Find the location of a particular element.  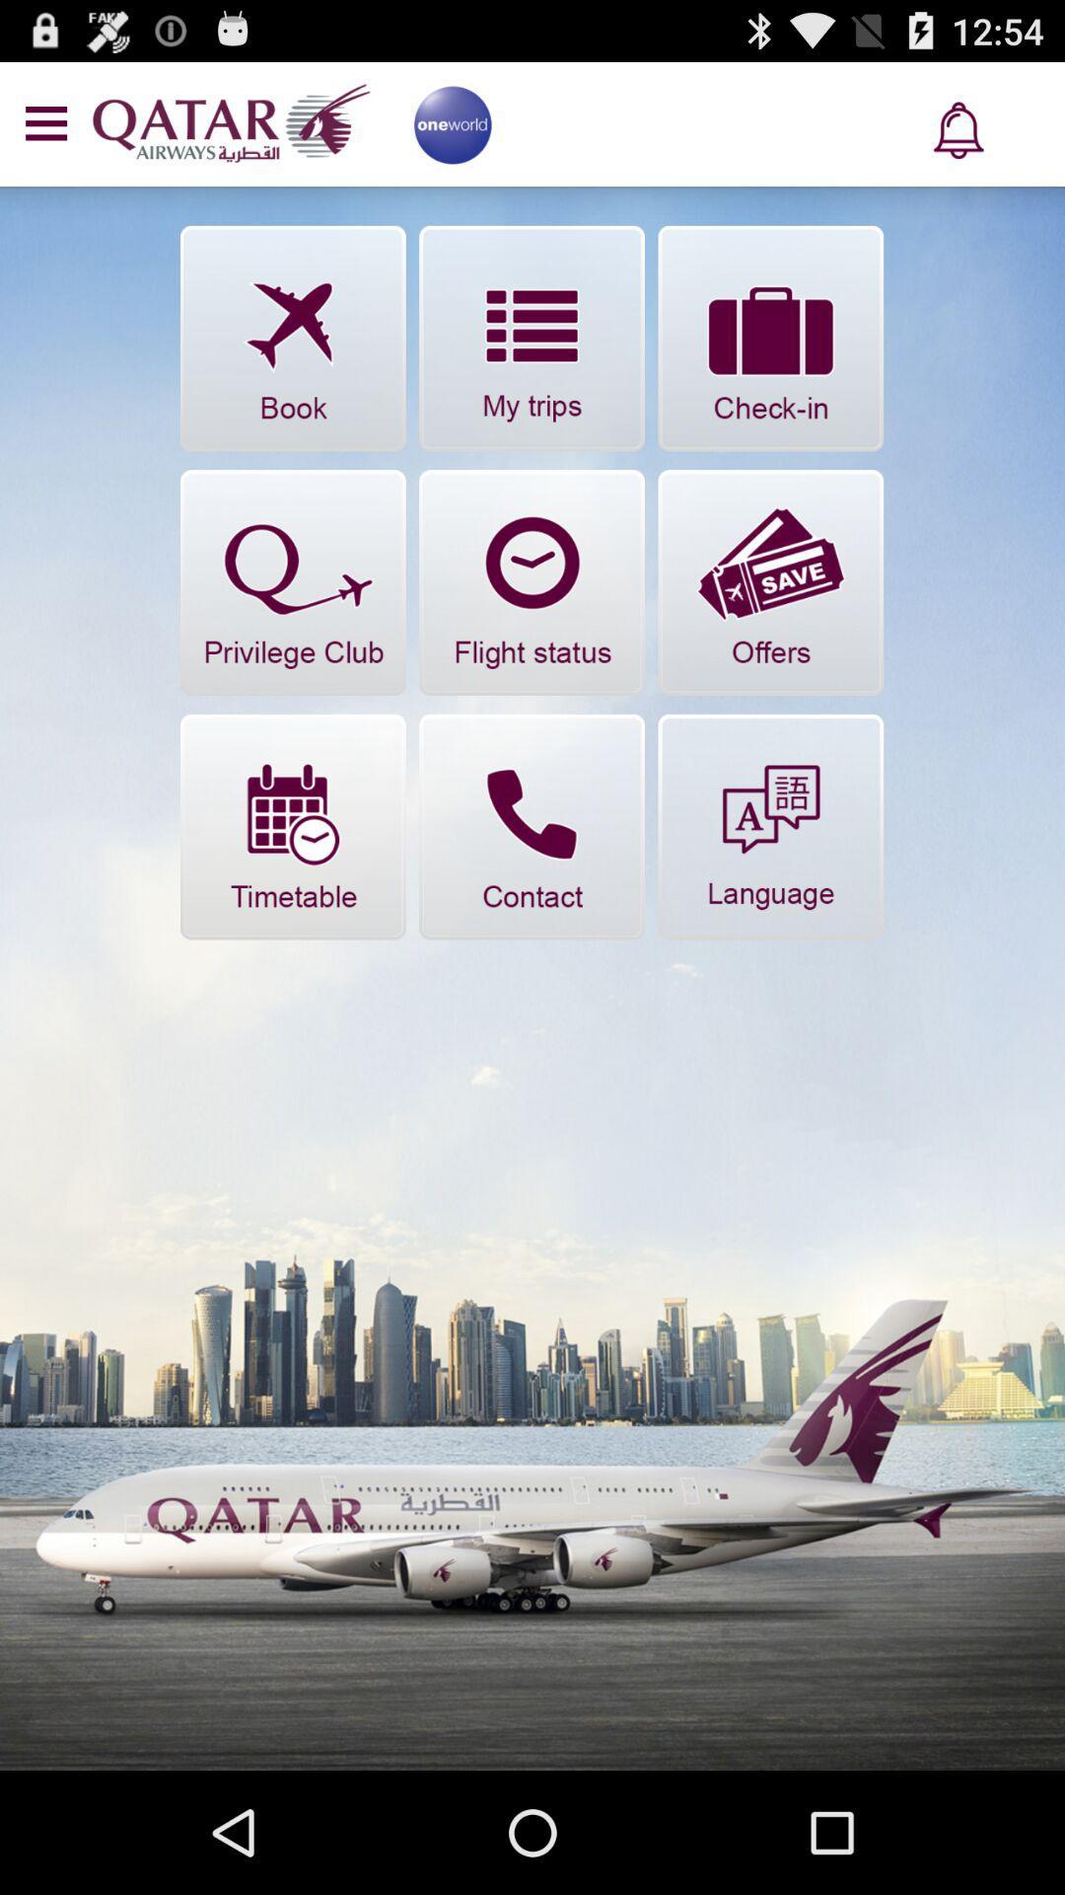

privilege club is located at coordinates (293, 581).